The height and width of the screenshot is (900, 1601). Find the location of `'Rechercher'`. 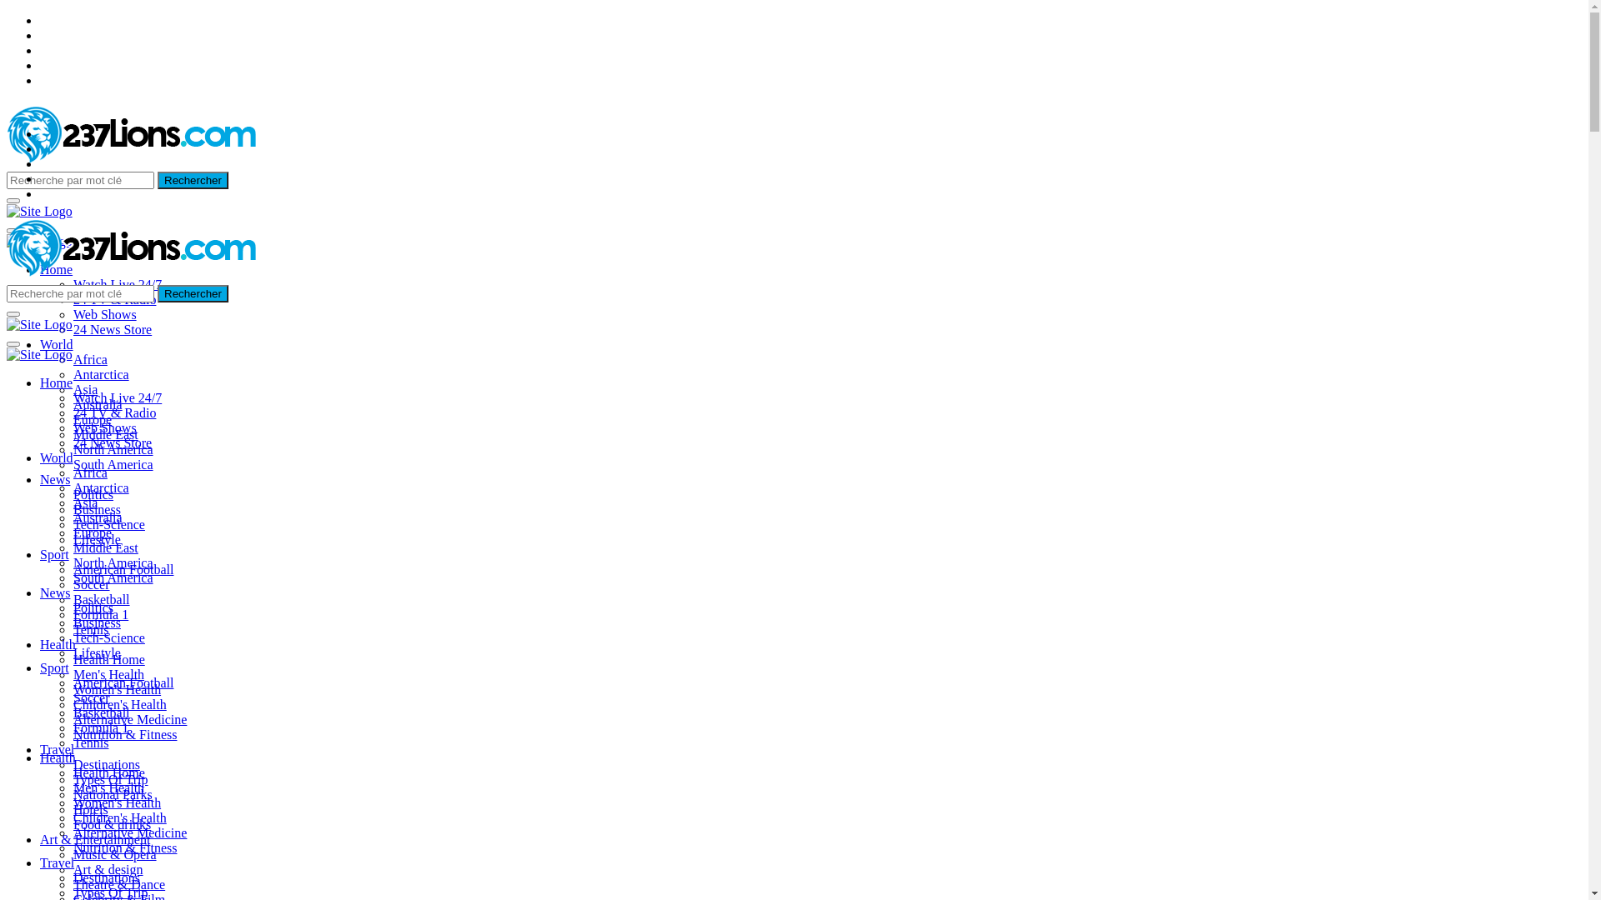

'Rechercher' is located at coordinates (193, 180).